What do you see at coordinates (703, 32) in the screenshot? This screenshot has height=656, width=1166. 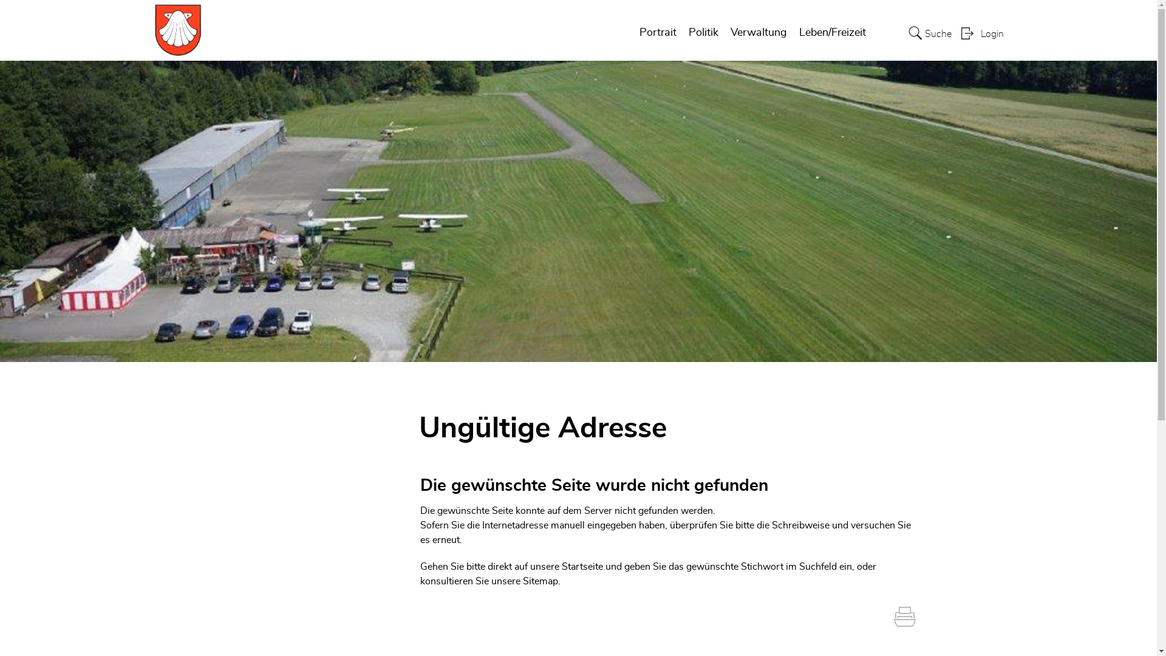 I see `'Politik'` at bounding box center [703, 32].